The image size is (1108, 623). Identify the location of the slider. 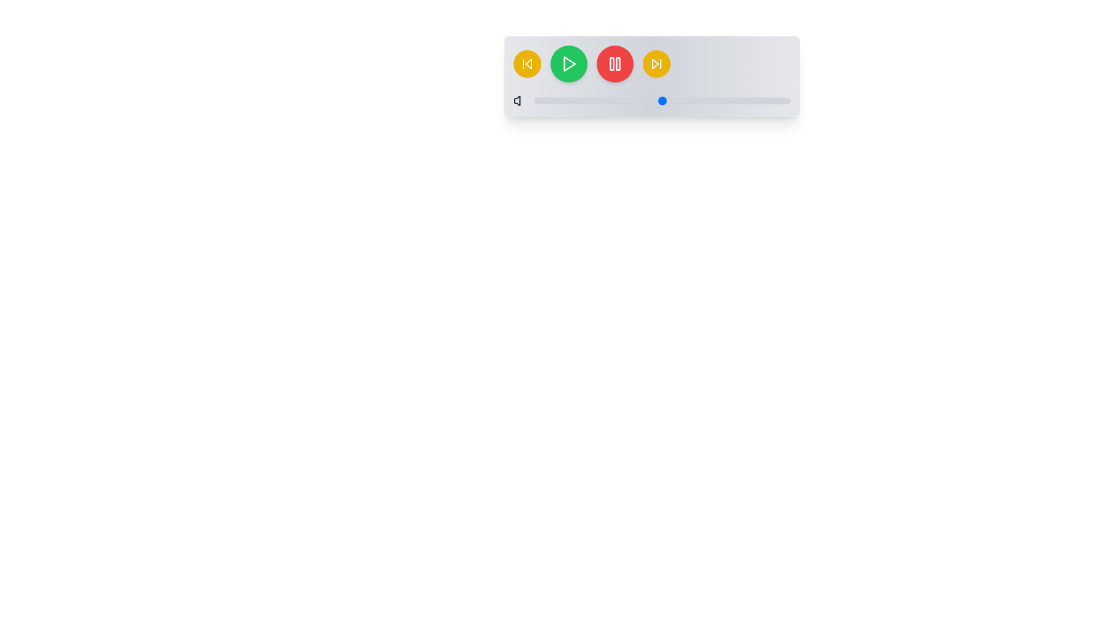
(754, 100).